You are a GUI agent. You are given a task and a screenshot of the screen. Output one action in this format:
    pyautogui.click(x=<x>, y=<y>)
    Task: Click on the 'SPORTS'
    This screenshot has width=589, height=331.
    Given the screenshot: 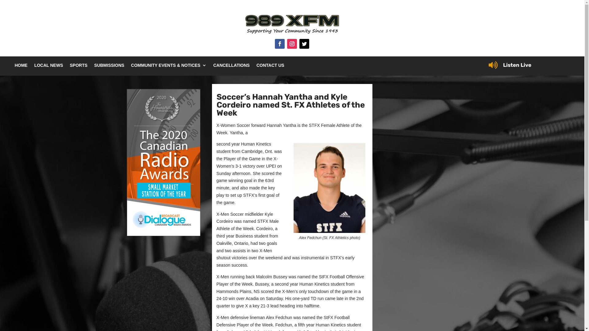 What is the action you would take?
    pyautogui.click(x=78, y=66)
    